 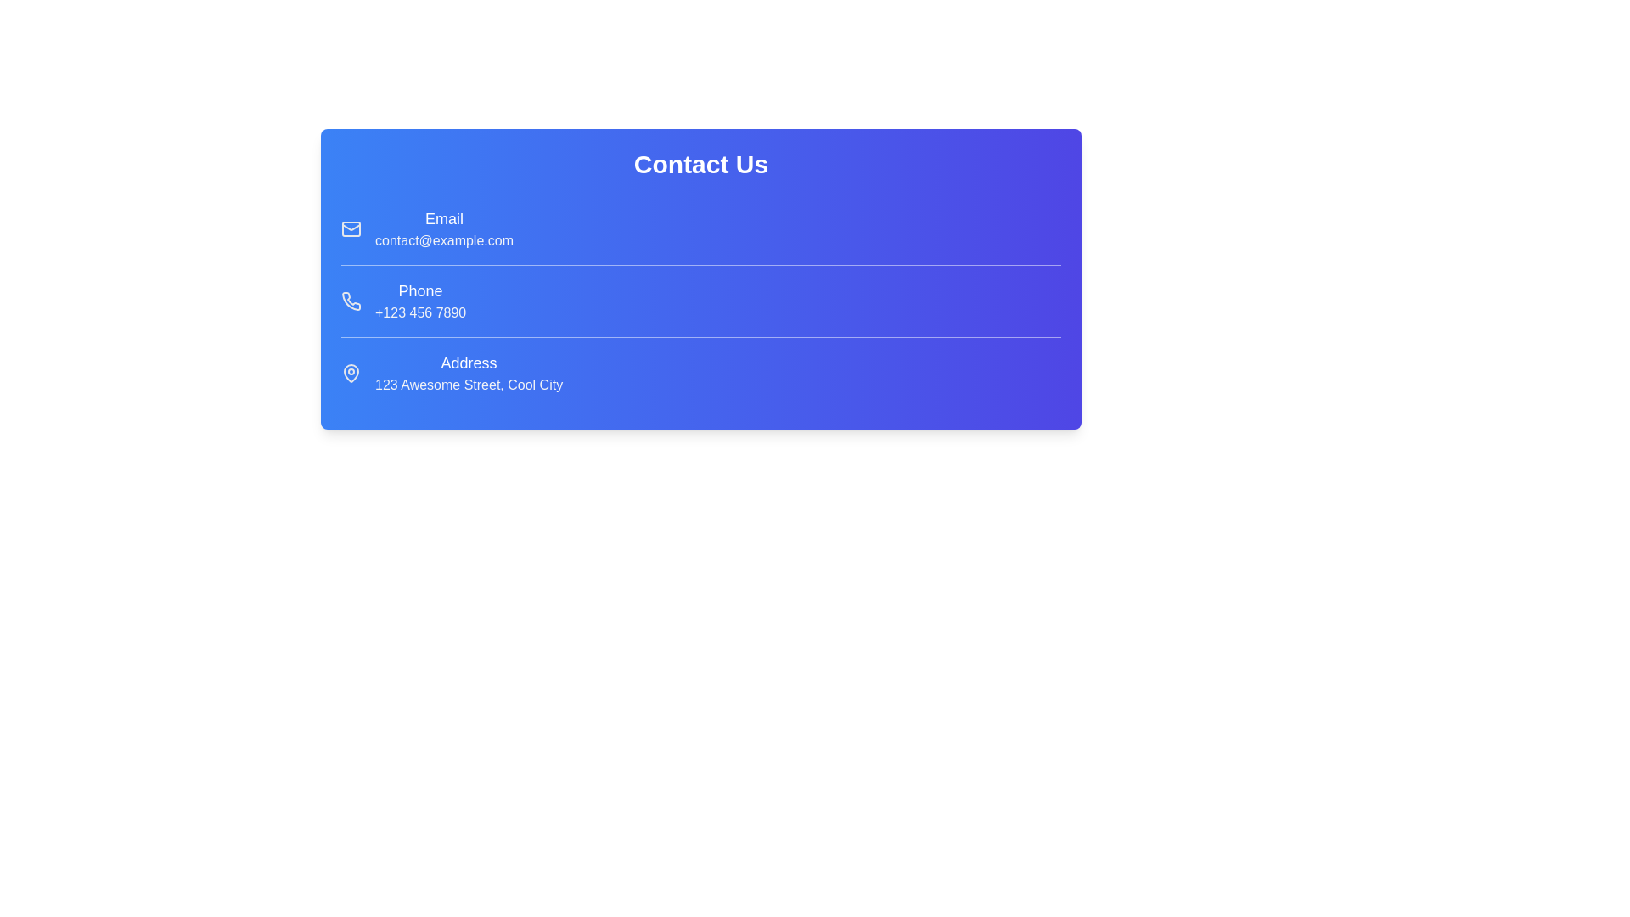 What do you see at coordinates (700, 164) in the screenshot?
I see `text of the prominent 'Contact Us' heading, which is a large, bold text element at the top of the section with a gradient blue background` at bounding box center [700, 164].